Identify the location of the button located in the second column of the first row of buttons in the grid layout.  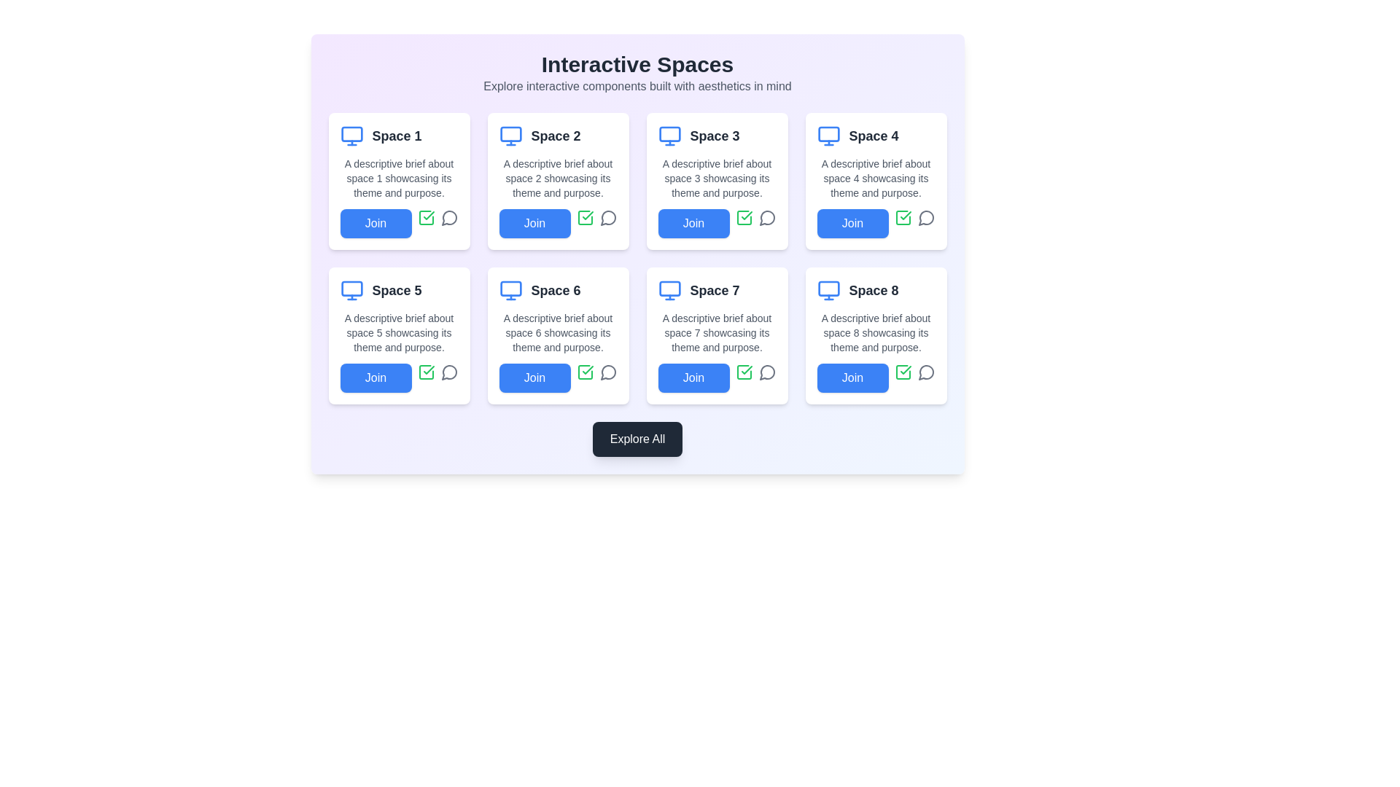
(534, 224).